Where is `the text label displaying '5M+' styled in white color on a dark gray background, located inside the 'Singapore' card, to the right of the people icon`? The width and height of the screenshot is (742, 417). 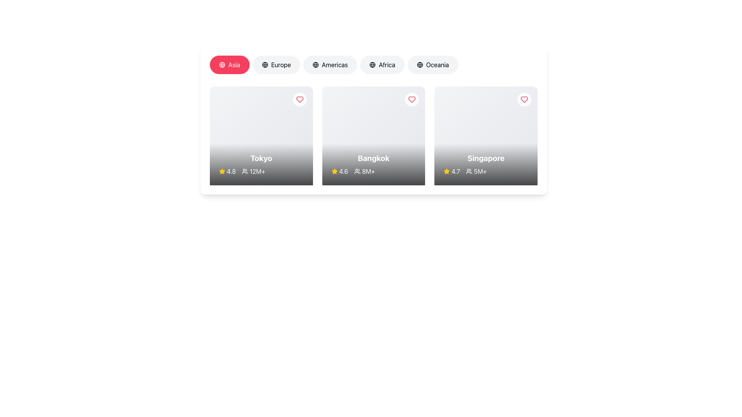
the text label displaying '5M+' styled in white color on a dark gray background, located inside the 'Singapore' card, to the right of the people icon is located at coordinates (480, 171).